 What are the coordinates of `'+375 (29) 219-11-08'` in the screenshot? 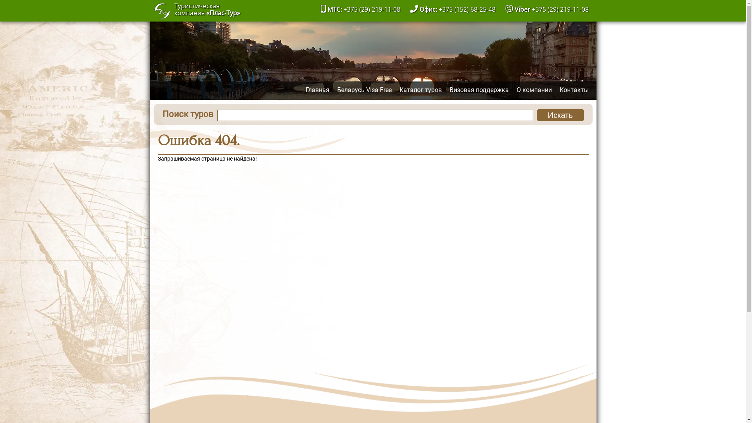 It's located at (560, 9).